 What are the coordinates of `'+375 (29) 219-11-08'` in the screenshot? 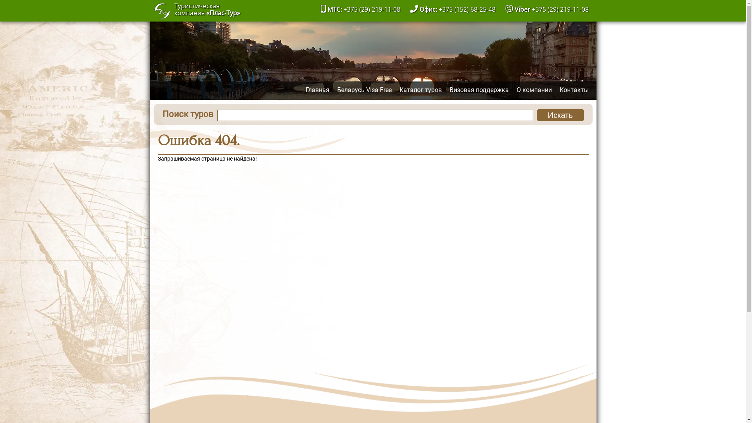 It's located at (560, 9).